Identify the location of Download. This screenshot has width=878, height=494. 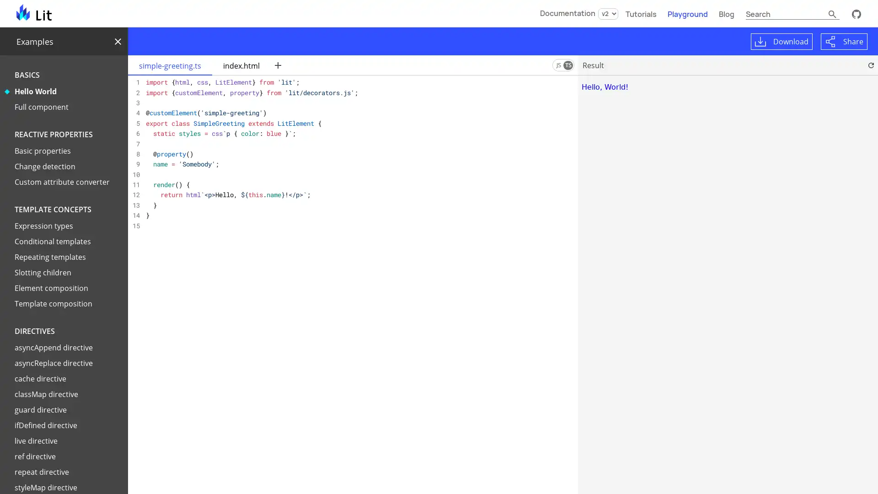
(781, 40).